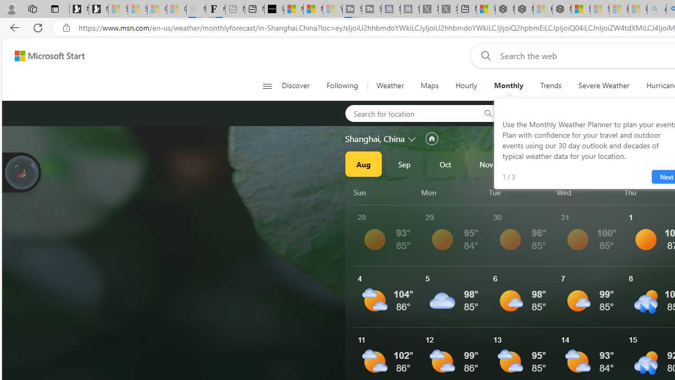 Image resolution: width=675 pixels, height=380 pixels. I want to click on 'Web search', so click(483, 55).